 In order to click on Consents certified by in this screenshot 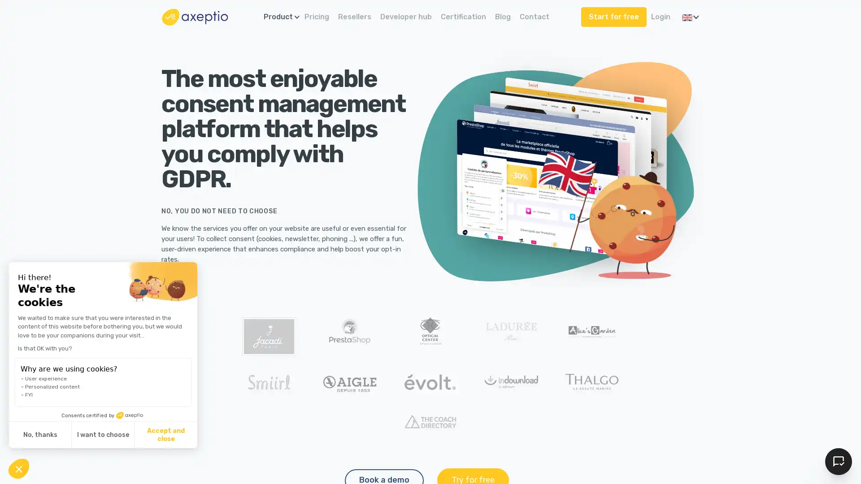, I will do `click(103, 415)`.